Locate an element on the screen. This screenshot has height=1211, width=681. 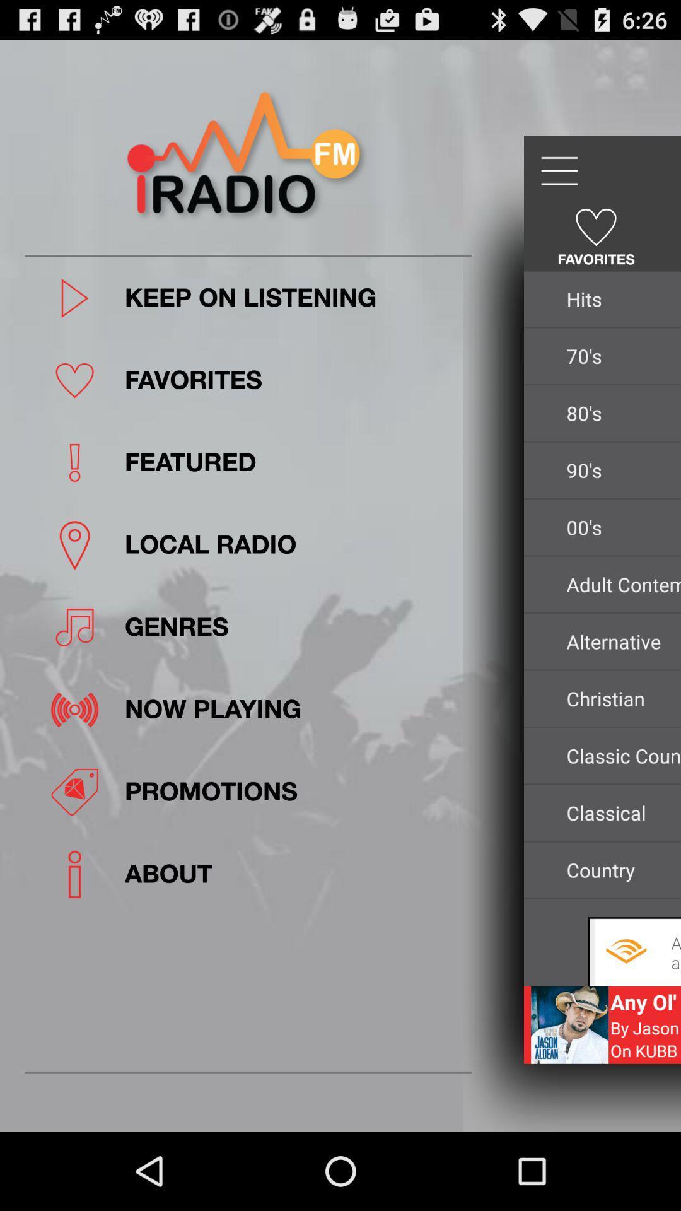
the menu icon is located at coordinates (558, 182).